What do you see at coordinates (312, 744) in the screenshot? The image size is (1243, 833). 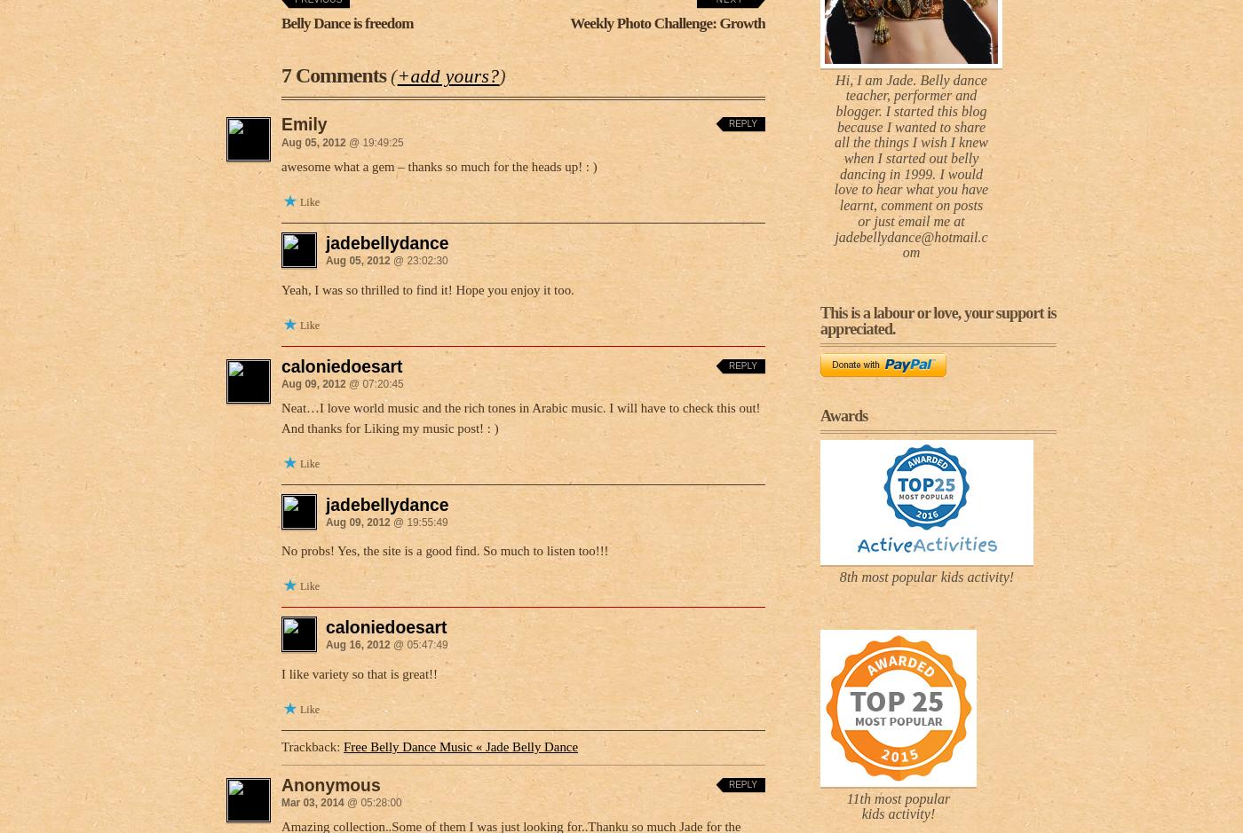 I see `'Trackback:'` at bounding box center [312, 744].